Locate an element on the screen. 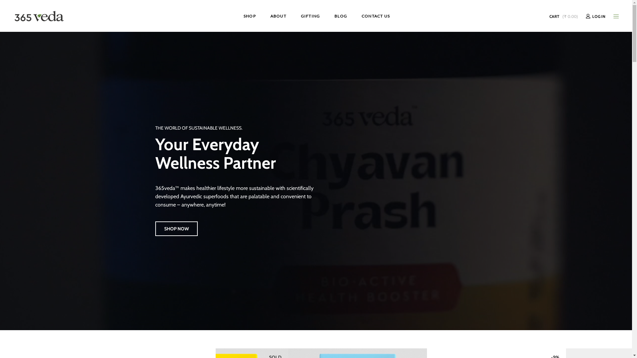 The width and height of the screenshot is (637, 358). 'CONTACT US' is located at coordinates (354, 15).